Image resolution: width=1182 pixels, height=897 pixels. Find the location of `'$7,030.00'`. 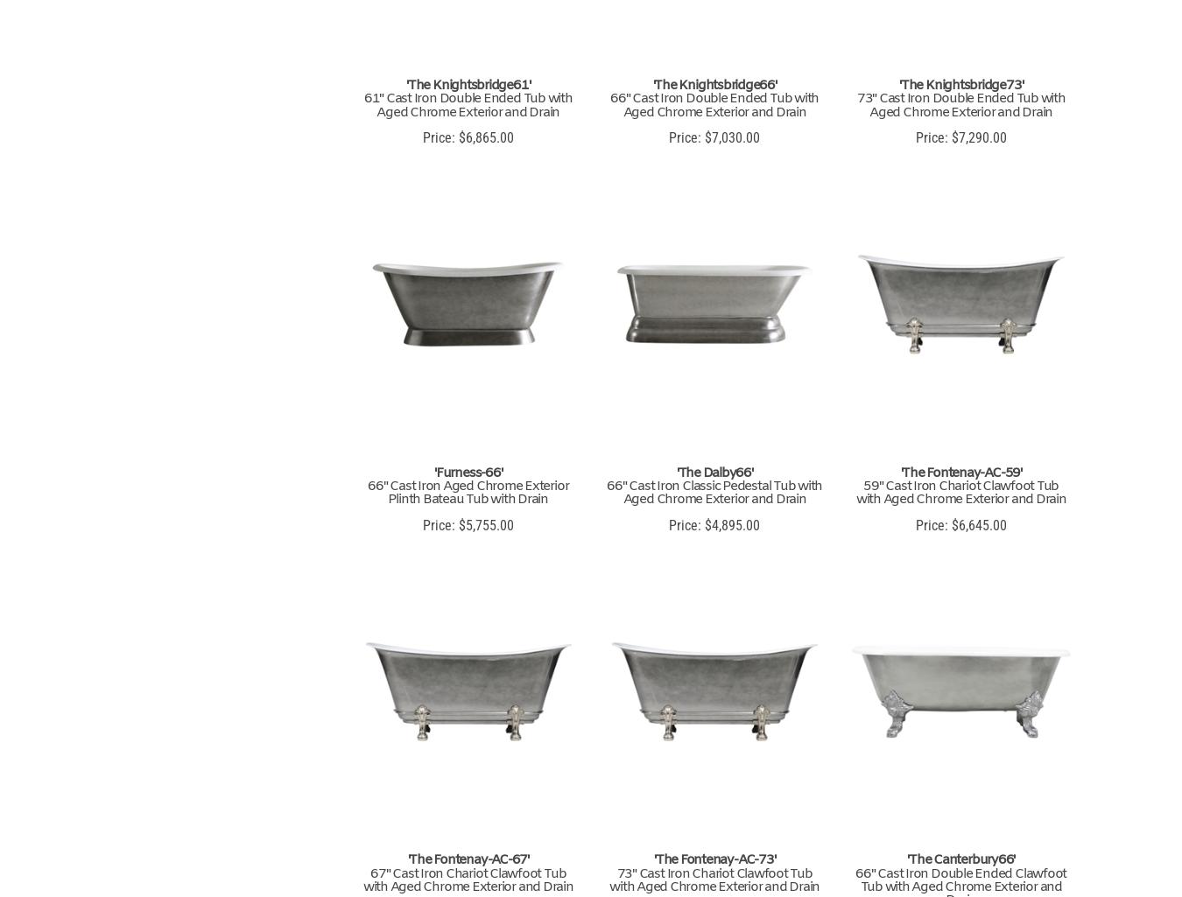

'$7,030.00' is located at coordinates (700, 137).